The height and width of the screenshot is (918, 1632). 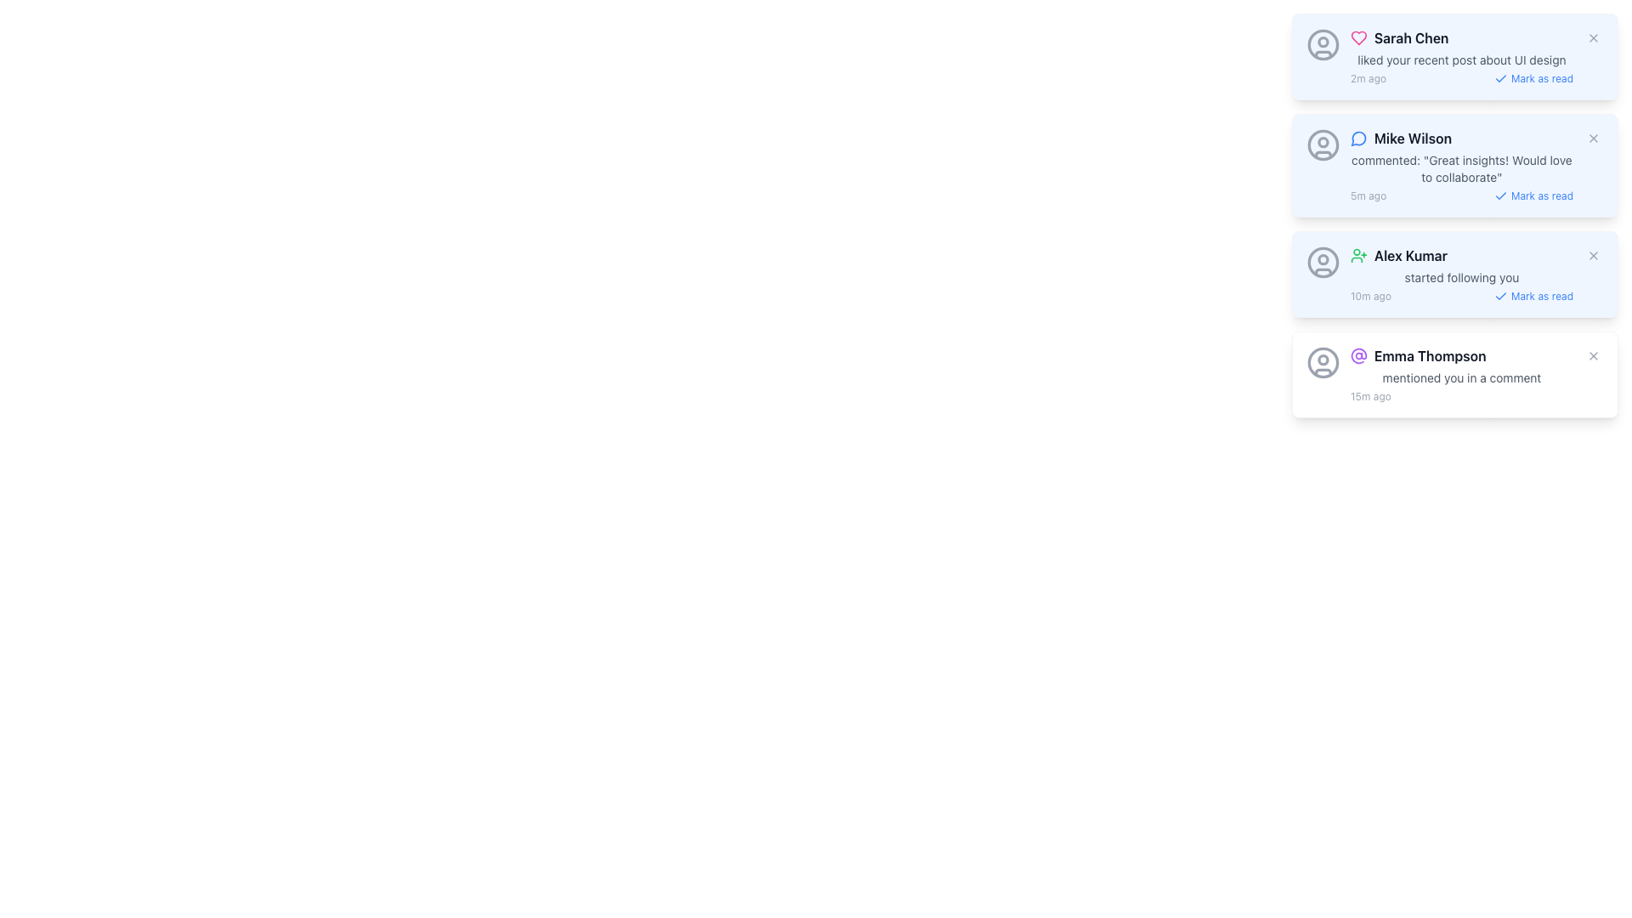 I want to click on the 'Mark as read' interactive text link with an icon to observe the hover effect, so click(x=1533, y=295).